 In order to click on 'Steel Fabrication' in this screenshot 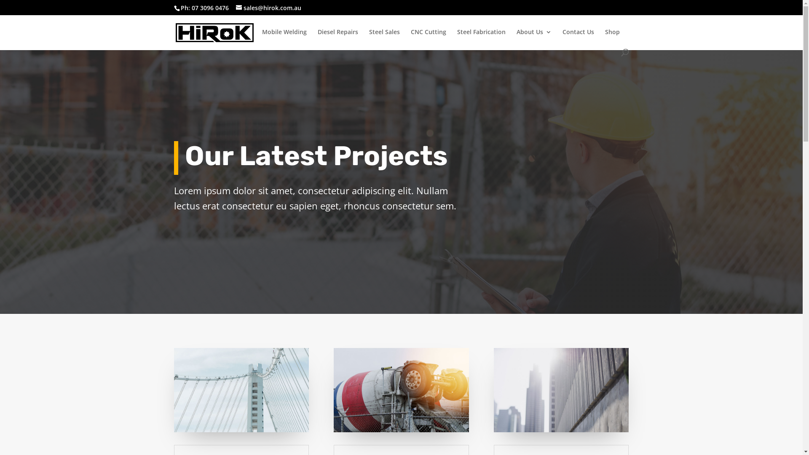, I will do `click(481, 39)`.